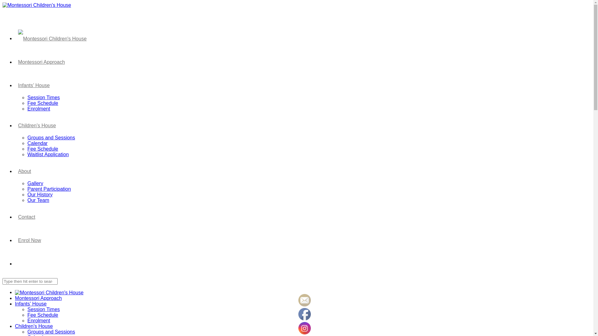 This screenshot has height=336, width=598. Describe the element at coordinates (38, 200) in the screenshot. I see `'Our Team'` at that location.